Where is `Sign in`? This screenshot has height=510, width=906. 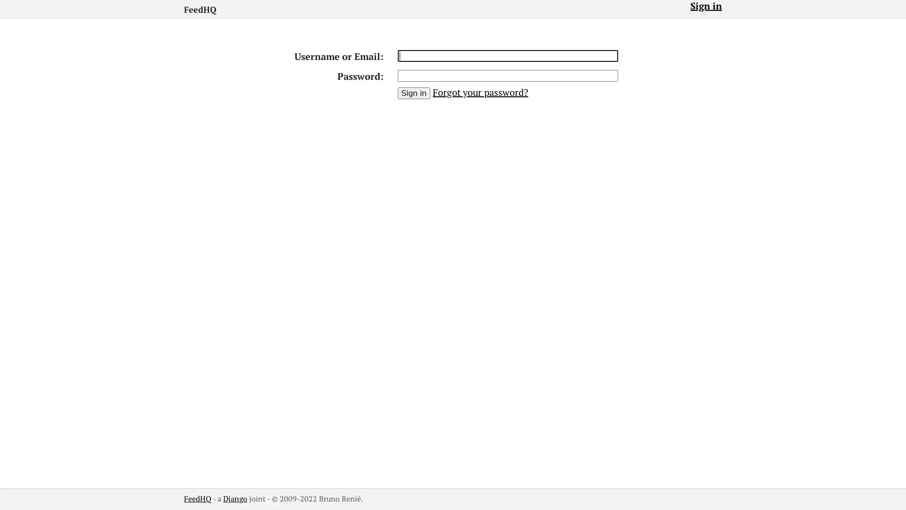
Sign in is located at coordinates (414, 93).